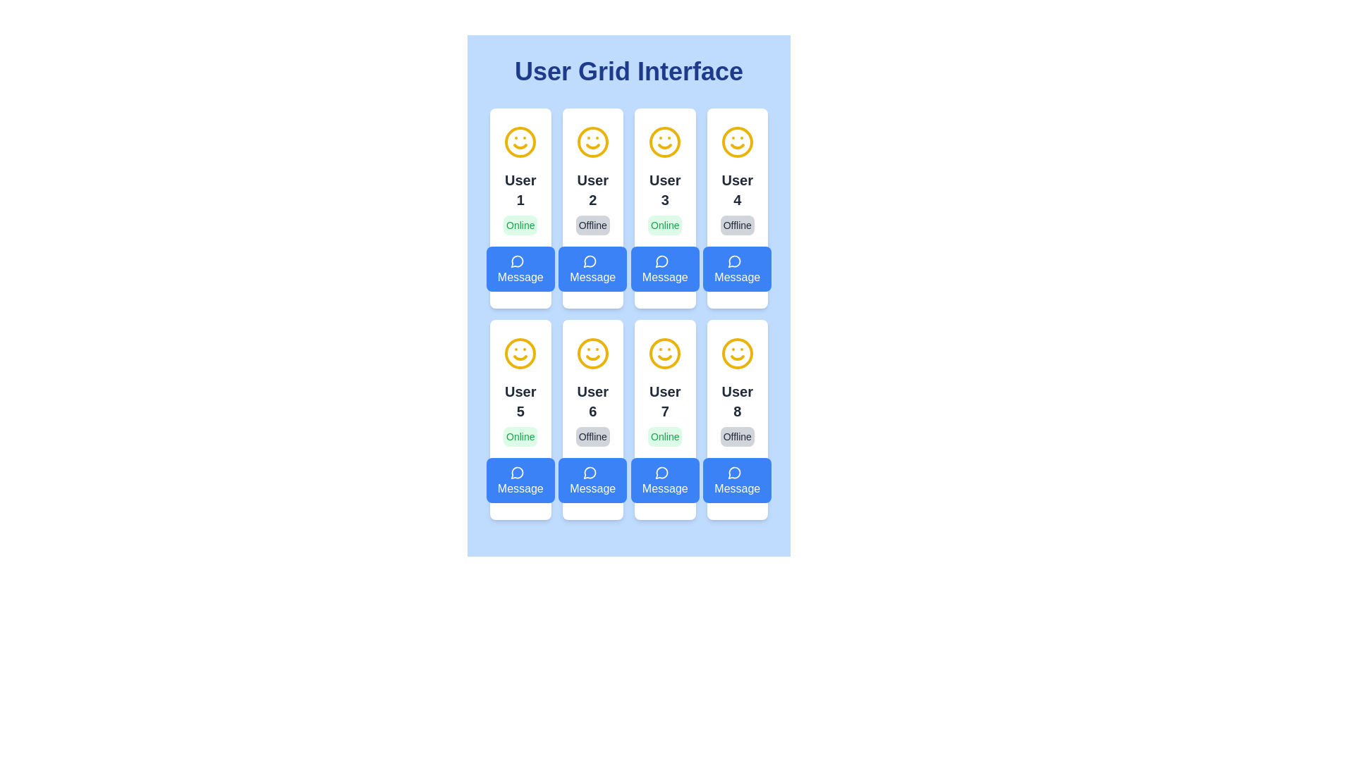 This screenshot has height=761, width=1354. Describe the element at coordinates (733, 472) in the screenshot. I see `the messaging icon located within the 'Message' button in the fourth column of the second row of the grid layout` at that location.